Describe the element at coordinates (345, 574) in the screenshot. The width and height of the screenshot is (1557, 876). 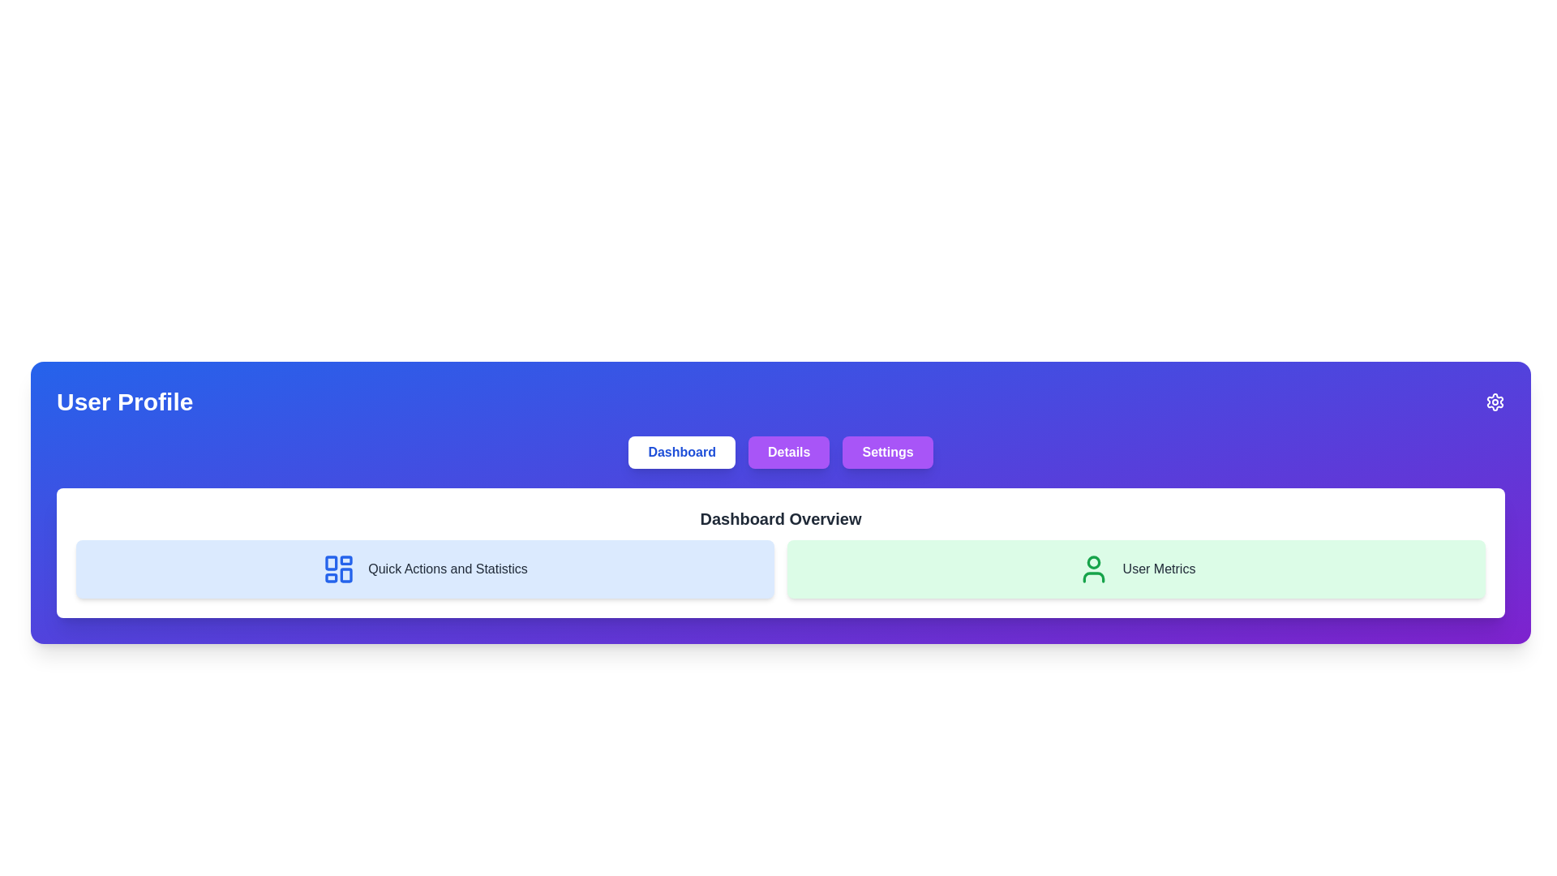
I see `the small decorative rectangle located in the lower-right corner of the icon within the 'Quick Actions and Statistics' section` at that location.